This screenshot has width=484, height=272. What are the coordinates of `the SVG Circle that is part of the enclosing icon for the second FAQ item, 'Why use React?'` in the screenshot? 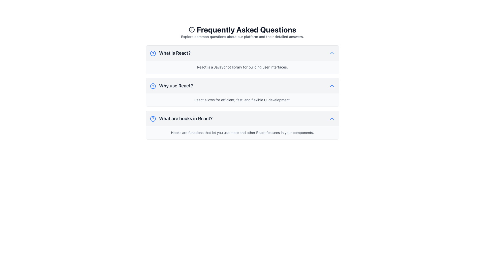 It's located at (153, 86).